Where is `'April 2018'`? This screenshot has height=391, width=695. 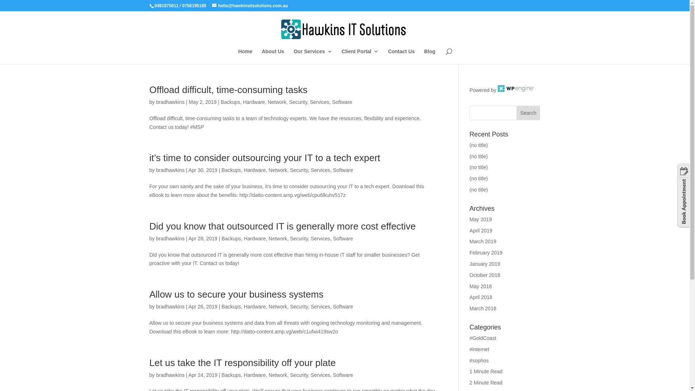 'April 2018' is located at coordinates (481, 297).